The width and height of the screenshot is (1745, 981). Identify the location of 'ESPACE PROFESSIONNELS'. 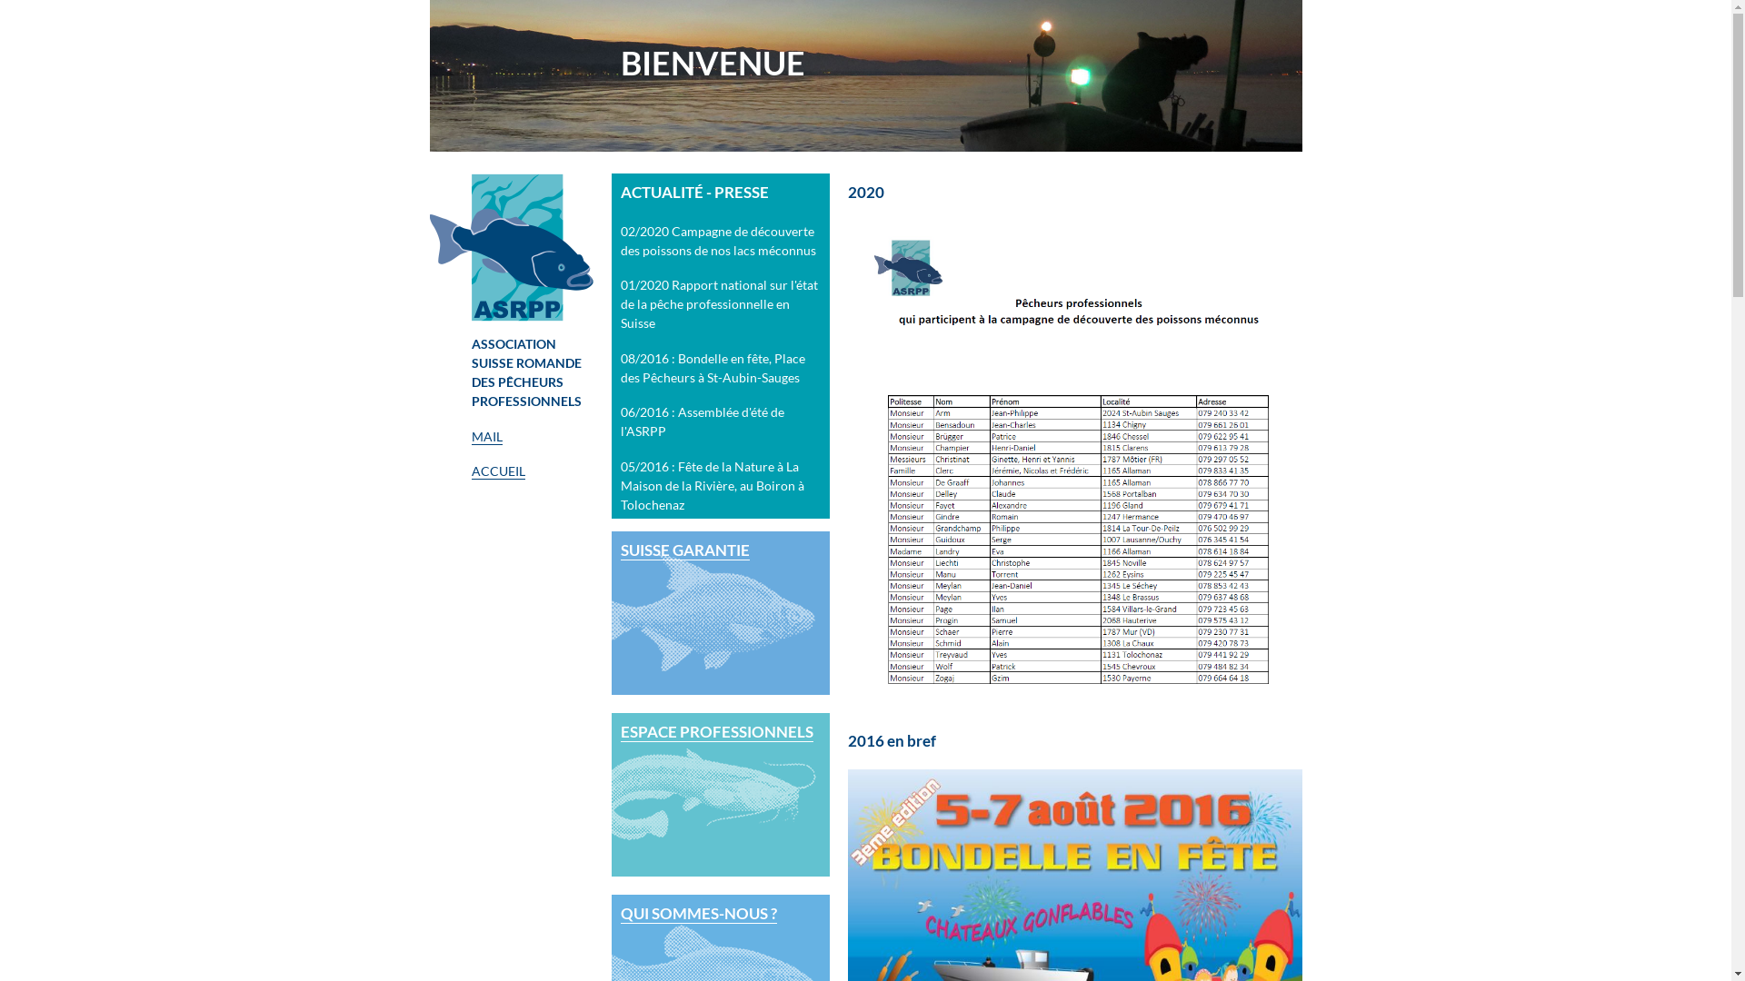
(719, 794).